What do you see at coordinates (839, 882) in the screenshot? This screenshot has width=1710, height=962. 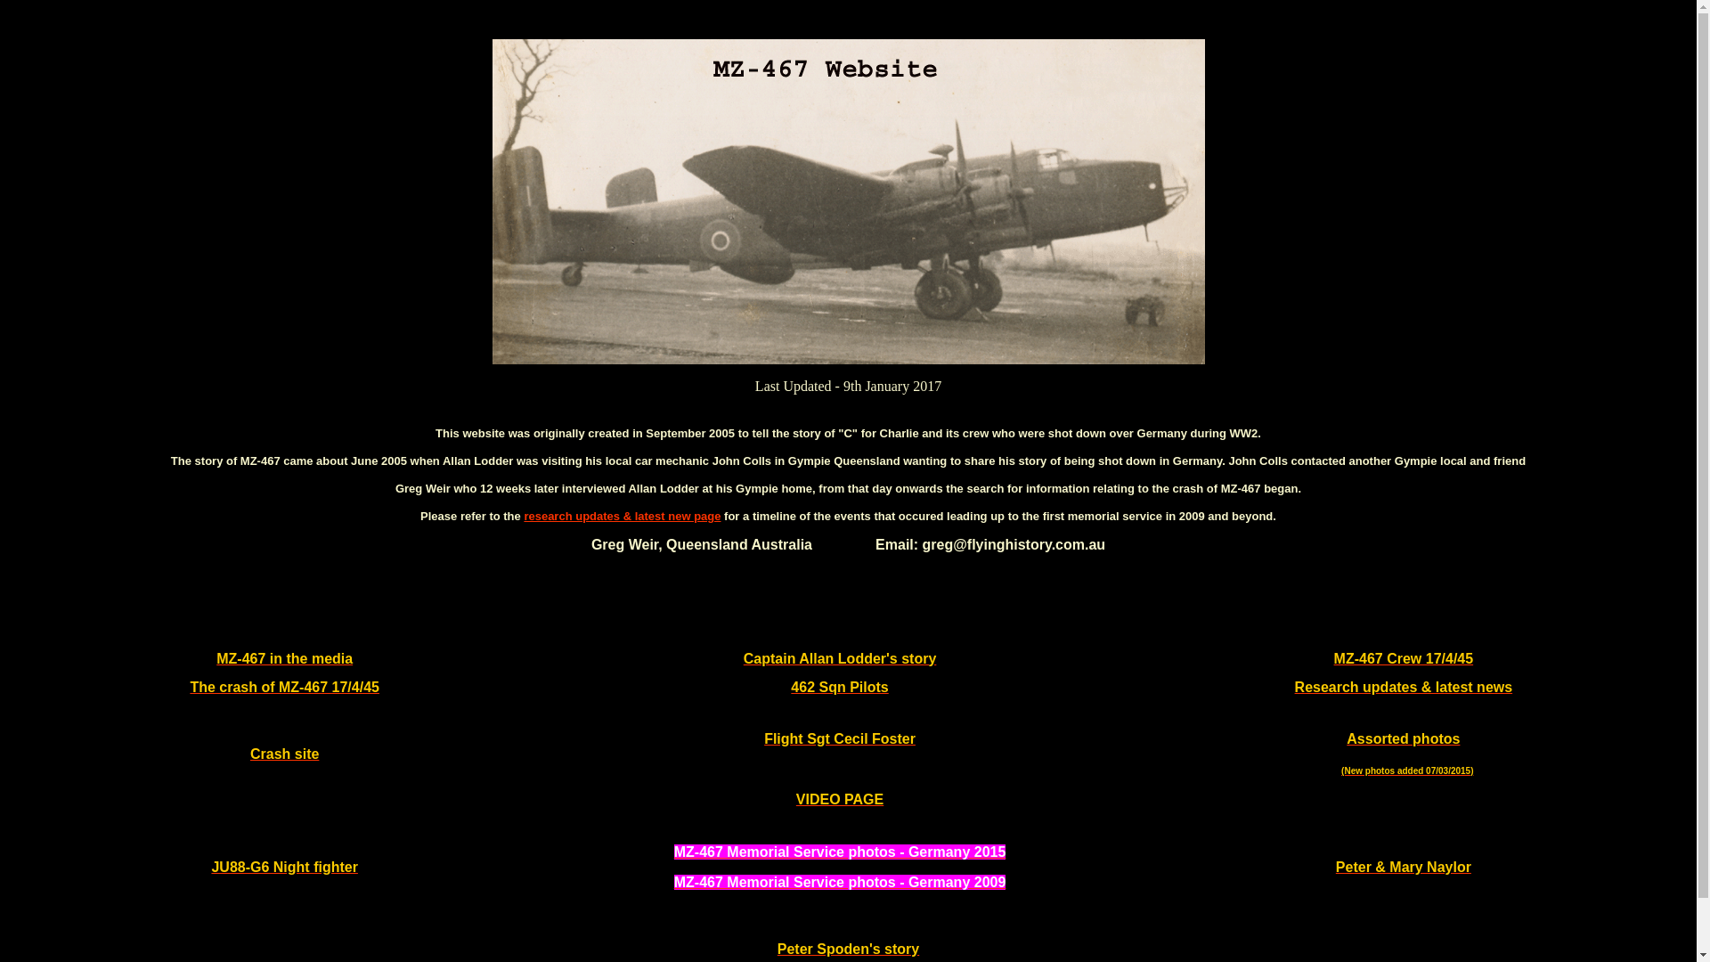 I see `'MZ-467 Memorial Service photos - Germany 2009'` at bounding box center [839, 882].